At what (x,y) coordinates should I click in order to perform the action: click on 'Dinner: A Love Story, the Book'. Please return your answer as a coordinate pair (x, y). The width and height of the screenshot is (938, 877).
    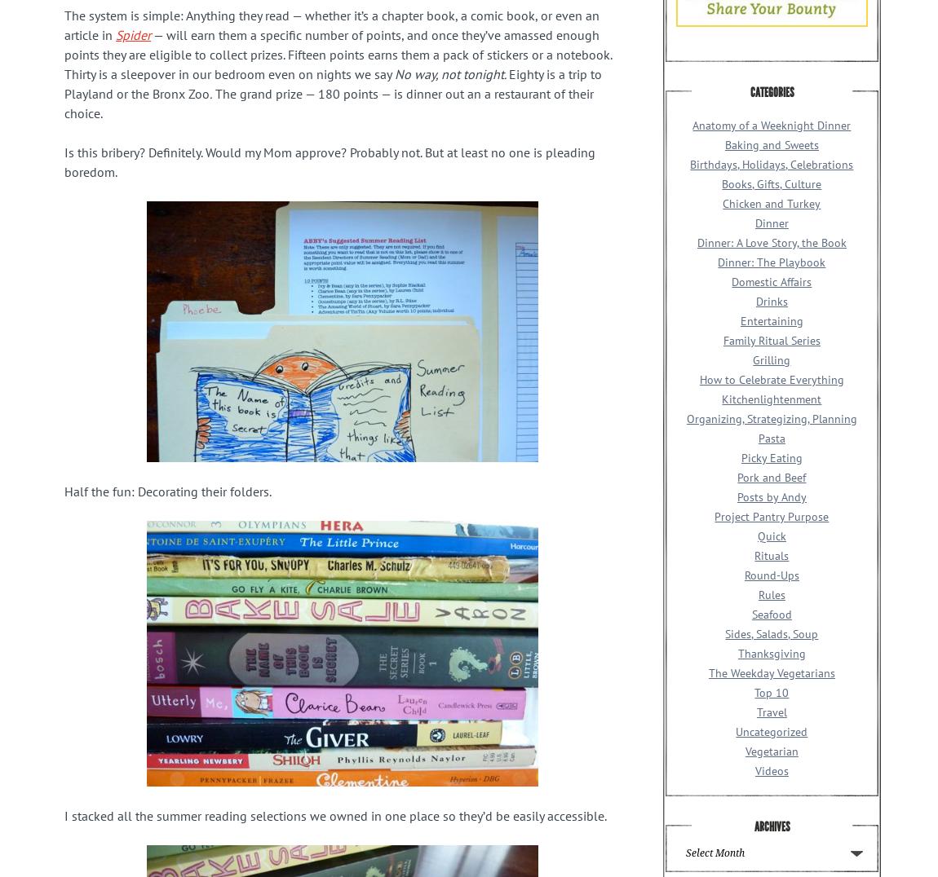
    Looking at the image, I should click on (771, 242).